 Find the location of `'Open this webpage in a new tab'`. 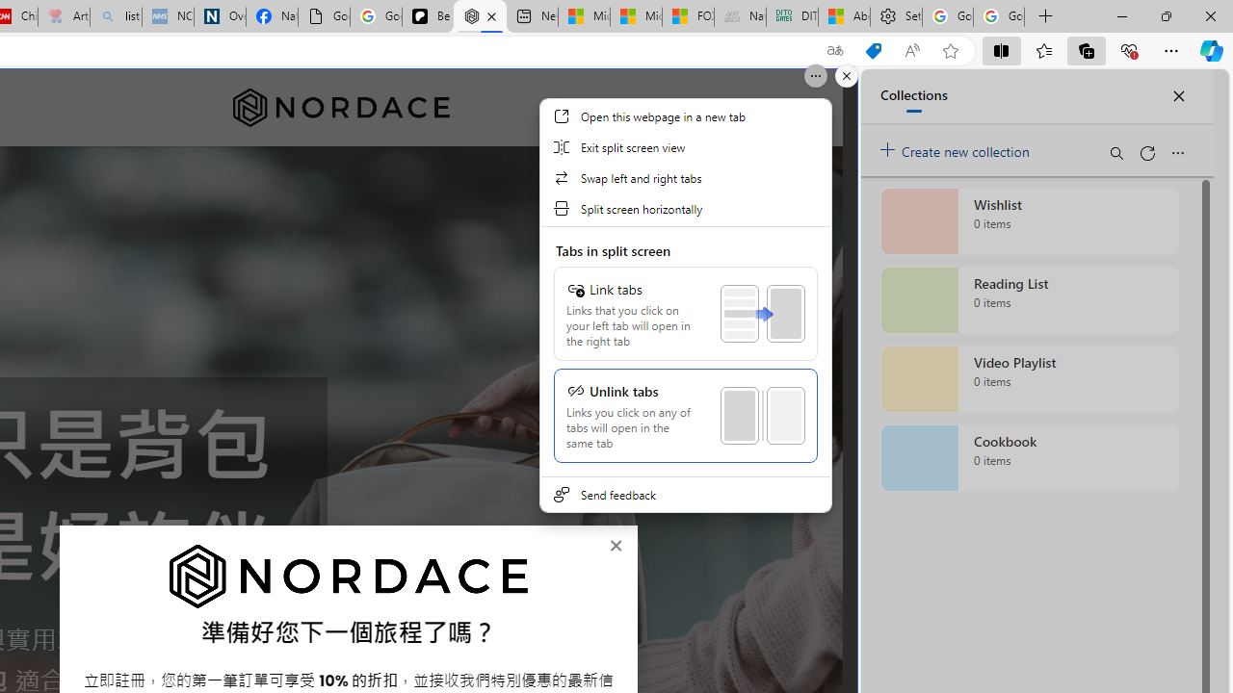

'Open this webpage in a new tab' is located at coordinates (685, 115).